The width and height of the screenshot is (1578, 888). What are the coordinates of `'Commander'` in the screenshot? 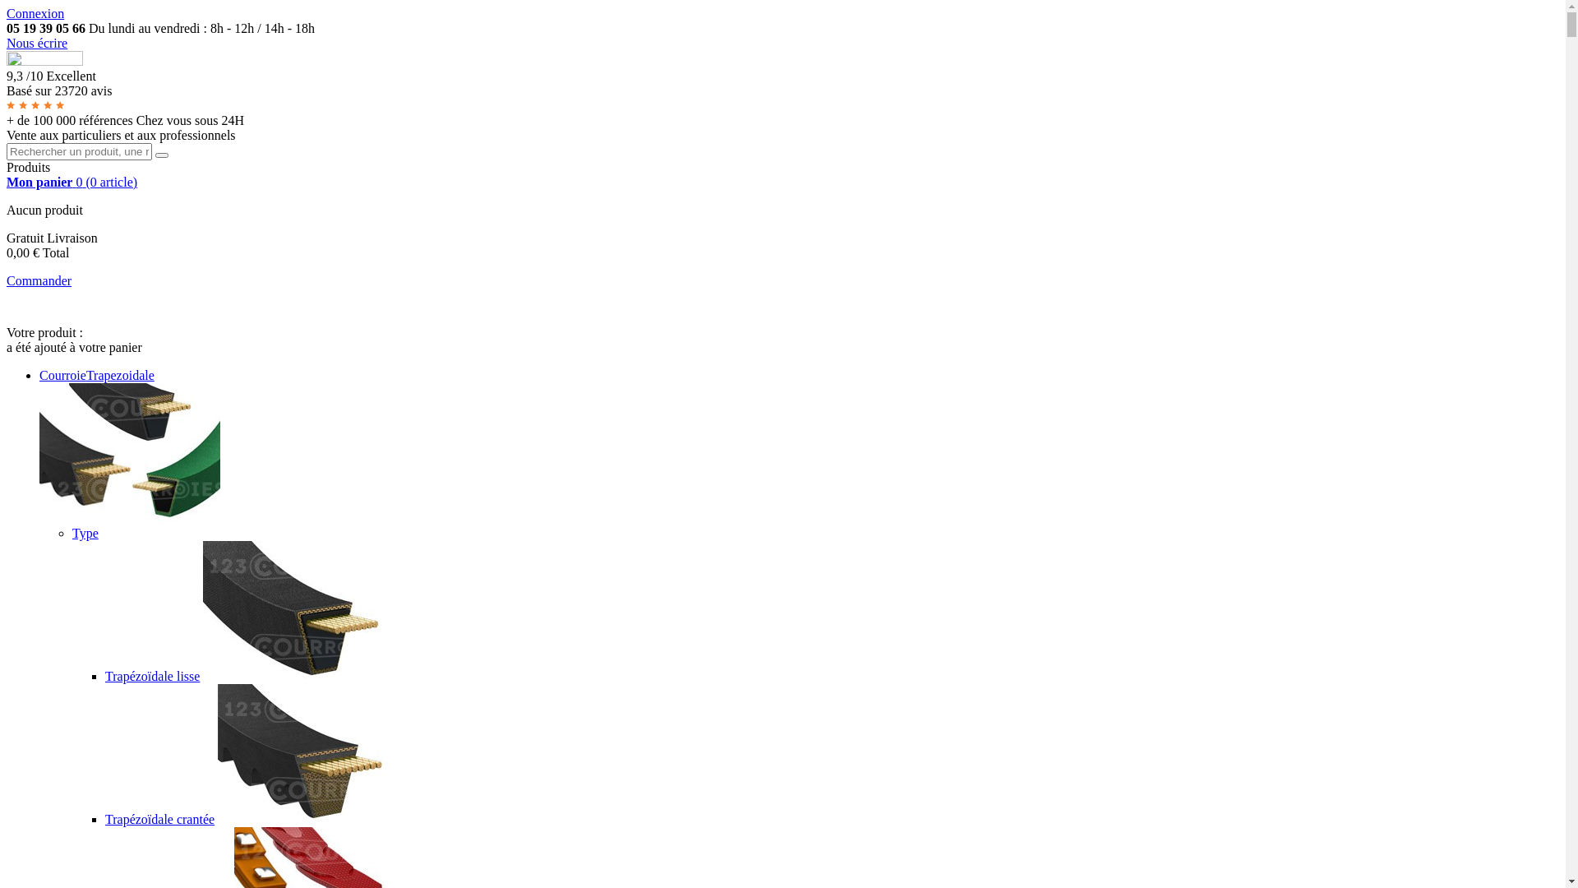 It's located at (39, 280).